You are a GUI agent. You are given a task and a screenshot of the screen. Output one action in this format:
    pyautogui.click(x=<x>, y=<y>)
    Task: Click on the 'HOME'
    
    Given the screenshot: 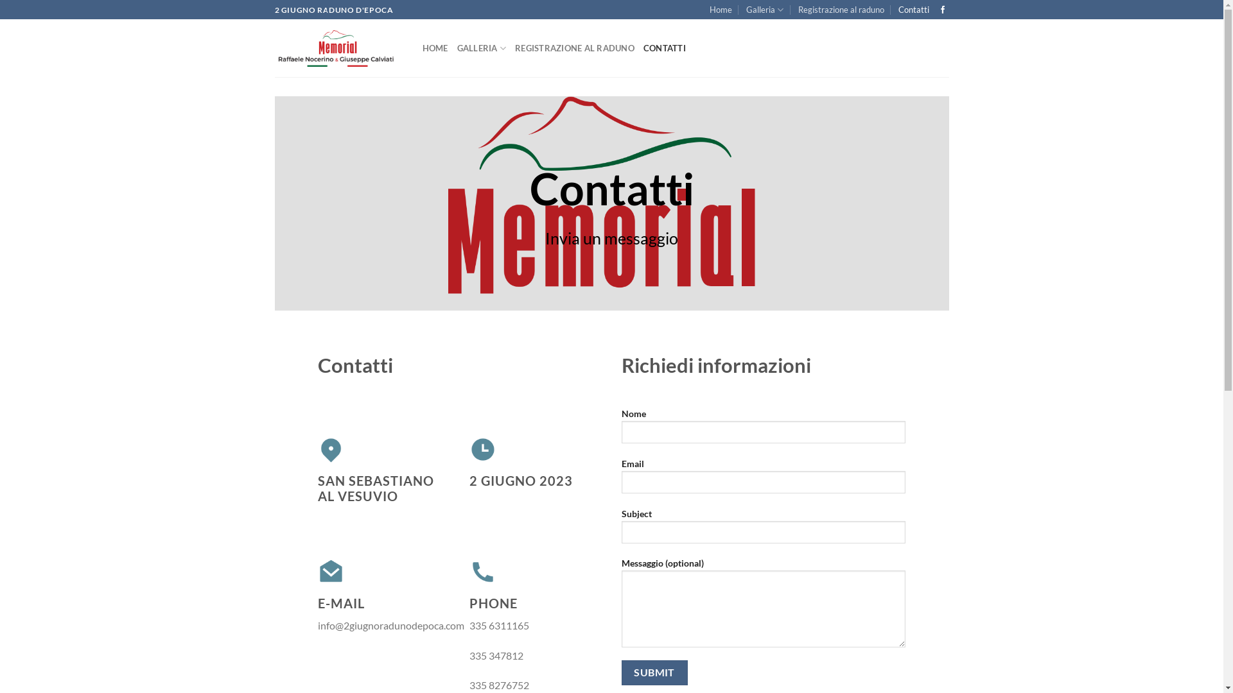 What is the action you would take?
    pyautogui.click(x=435, y=47)
    